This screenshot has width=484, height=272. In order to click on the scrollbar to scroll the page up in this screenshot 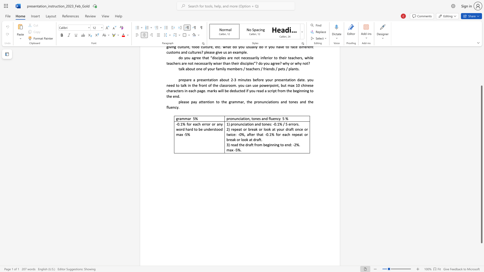, I will do `click(481, 71)`.